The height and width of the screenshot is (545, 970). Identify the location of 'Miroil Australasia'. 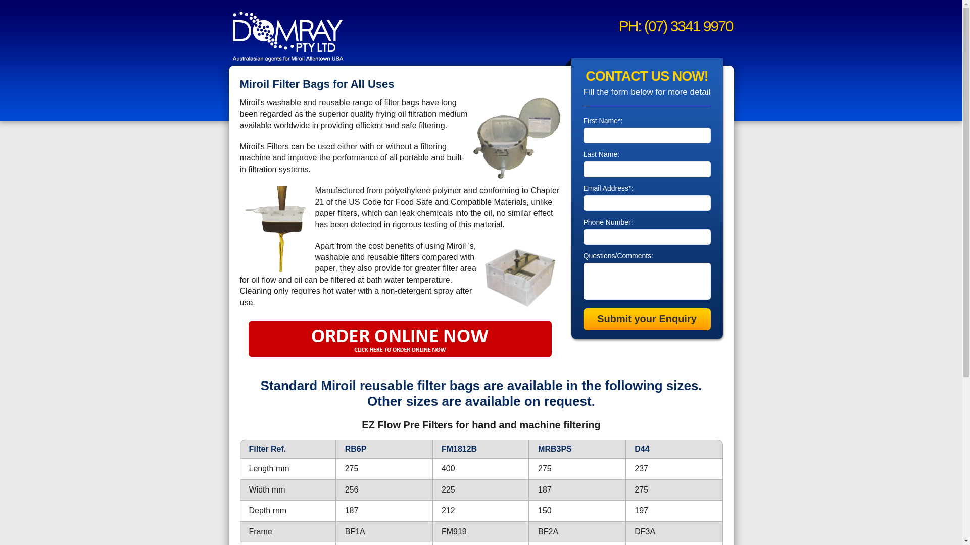
(287, 34).